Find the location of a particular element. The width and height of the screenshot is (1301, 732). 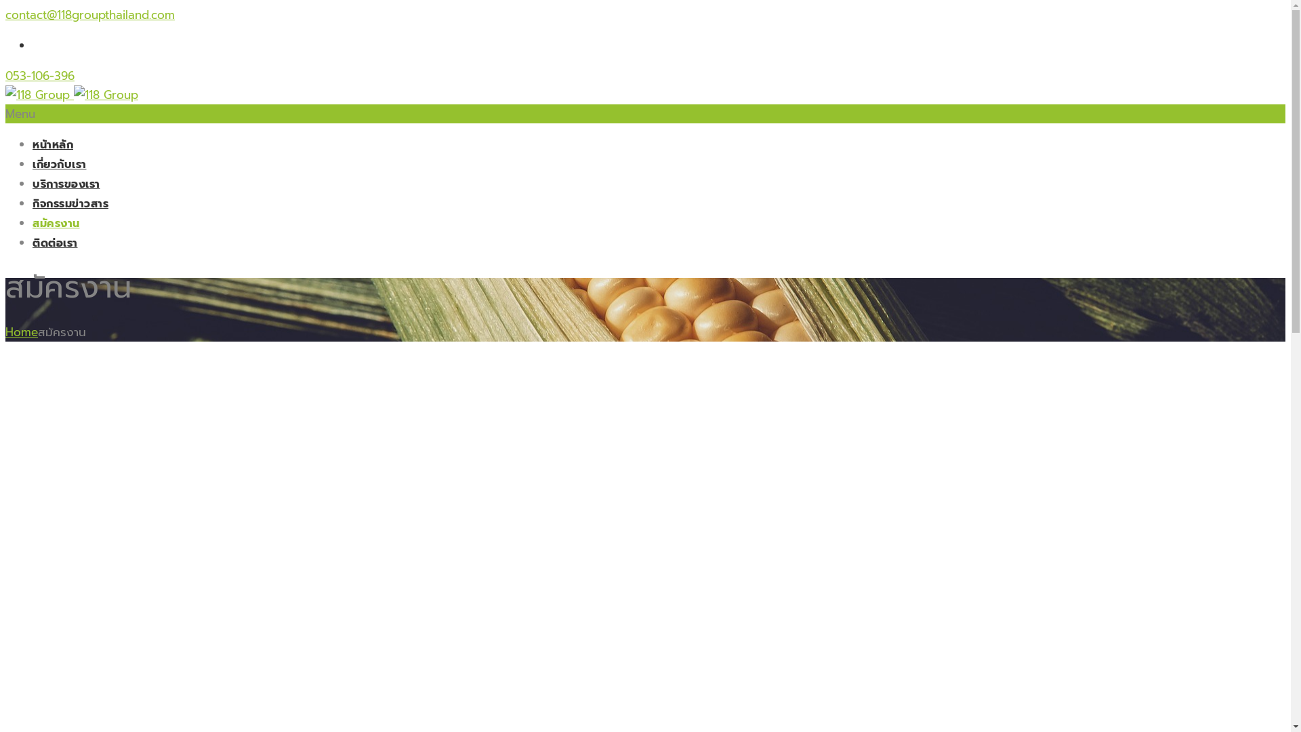

'118 Group' is located at coordinates (73, 94).